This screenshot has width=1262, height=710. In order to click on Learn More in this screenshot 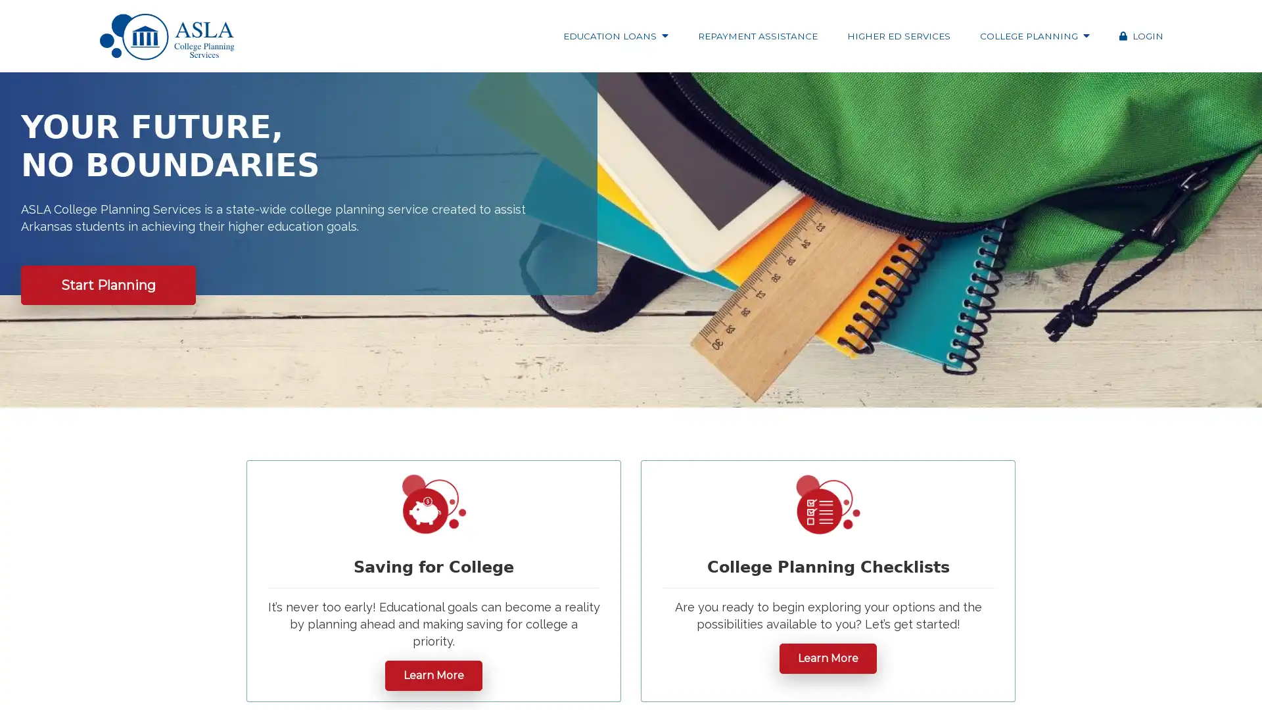, I will do `click(434, 674)`.